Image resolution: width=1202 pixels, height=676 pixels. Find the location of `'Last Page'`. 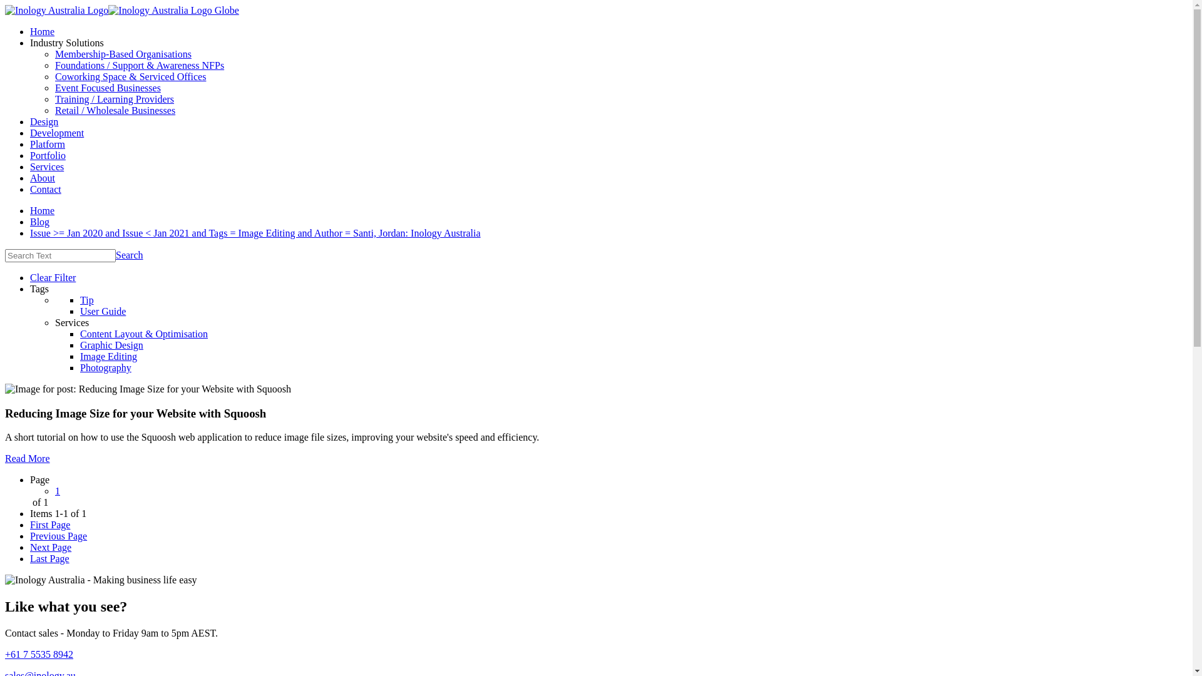

'Last Page' is located at coordinates (49, 558).